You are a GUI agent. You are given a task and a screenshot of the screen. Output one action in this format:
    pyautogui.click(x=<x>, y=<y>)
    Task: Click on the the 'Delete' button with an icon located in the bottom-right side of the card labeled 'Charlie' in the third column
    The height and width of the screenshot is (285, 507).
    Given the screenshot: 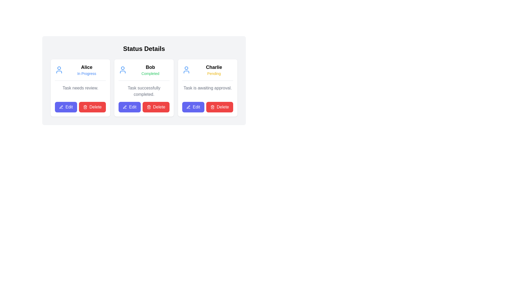 What is the action you would take?
    pyautogui.click(x=219, y=107)
    